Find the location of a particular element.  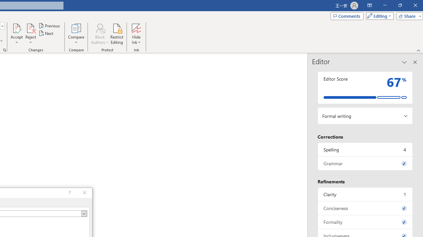

'Compare' is located at coordinates (76, 34).